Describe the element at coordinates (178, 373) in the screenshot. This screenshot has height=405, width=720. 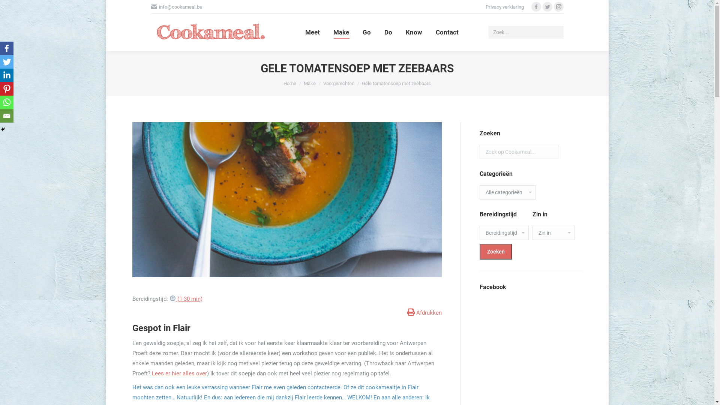
I see `'Lees er hier alles over'` at that location.